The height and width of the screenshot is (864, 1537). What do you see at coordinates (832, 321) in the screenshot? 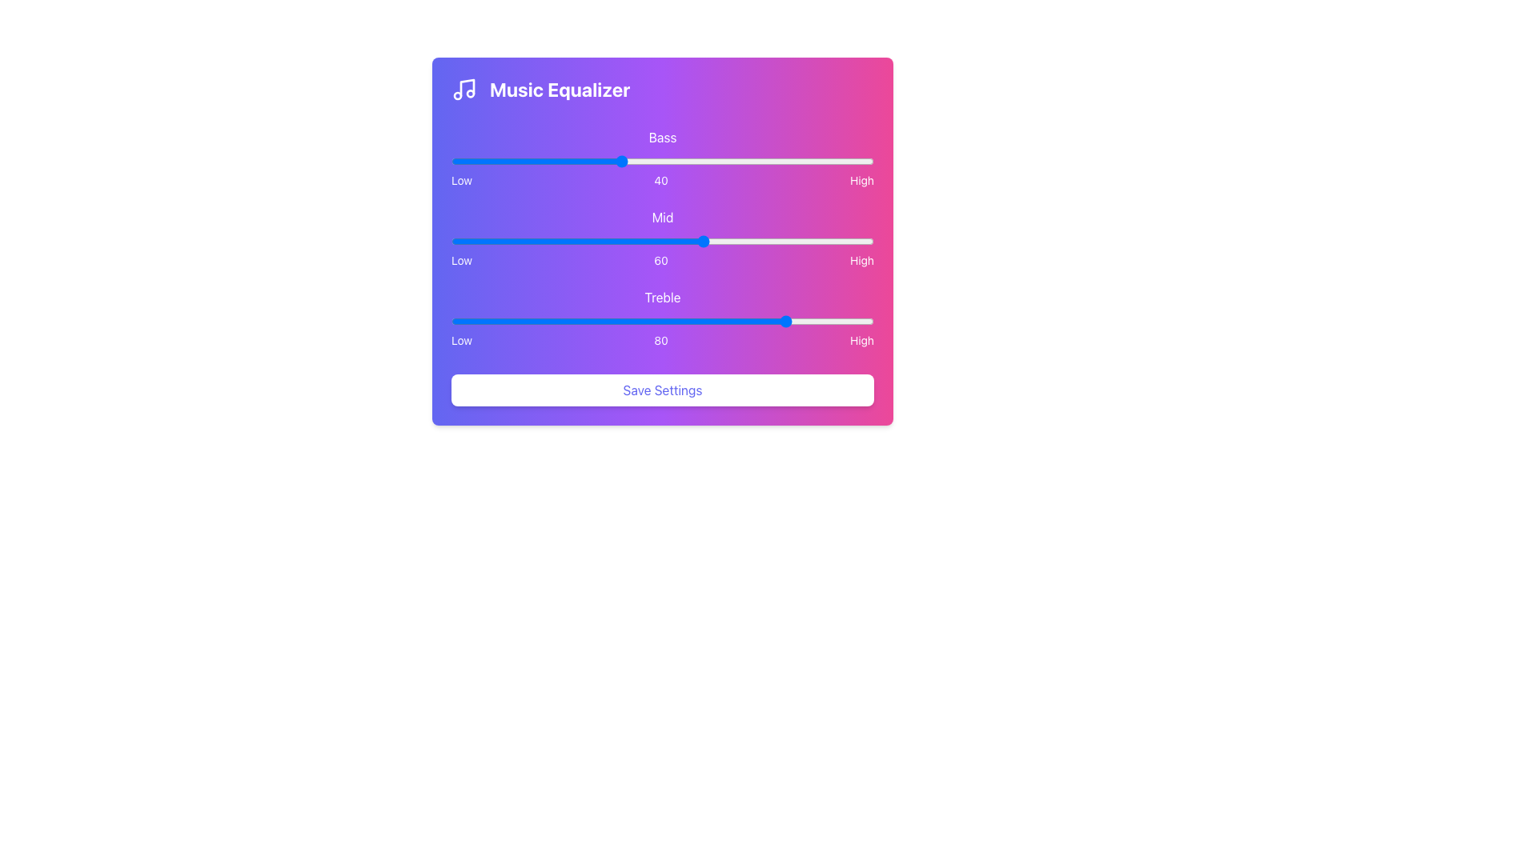
I see `the treble level` at bounding box center [832, 321].